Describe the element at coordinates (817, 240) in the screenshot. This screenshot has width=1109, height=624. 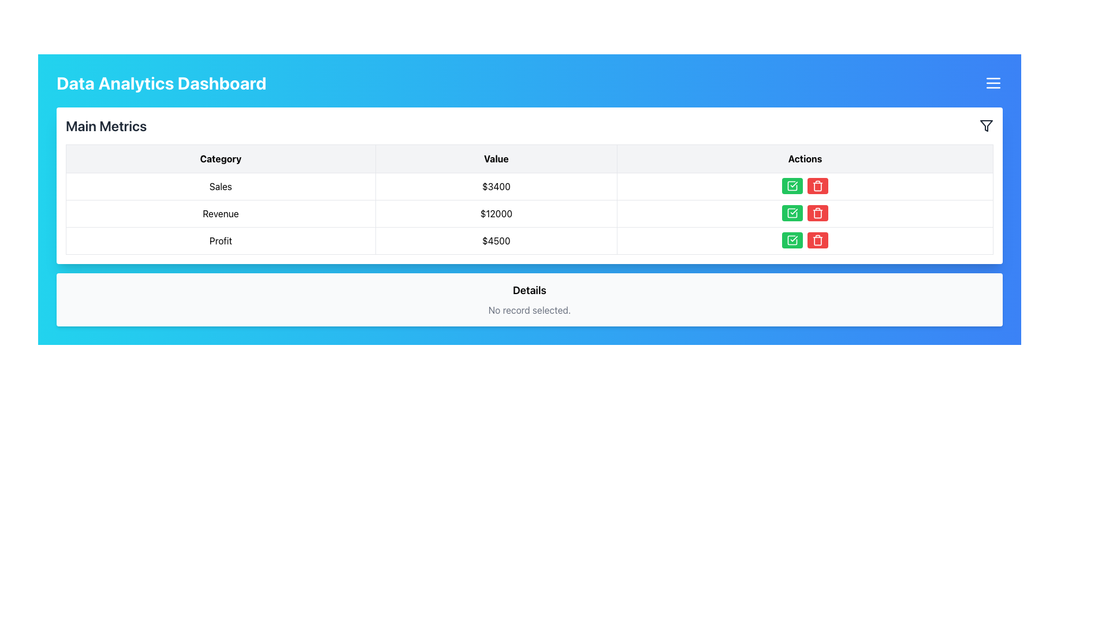
I see `the red trash bin icon in the 'Actions' column of the data table, which is the second icon in the third row associated with the 'Profit' entry to possibly reveal additional information` at that location.